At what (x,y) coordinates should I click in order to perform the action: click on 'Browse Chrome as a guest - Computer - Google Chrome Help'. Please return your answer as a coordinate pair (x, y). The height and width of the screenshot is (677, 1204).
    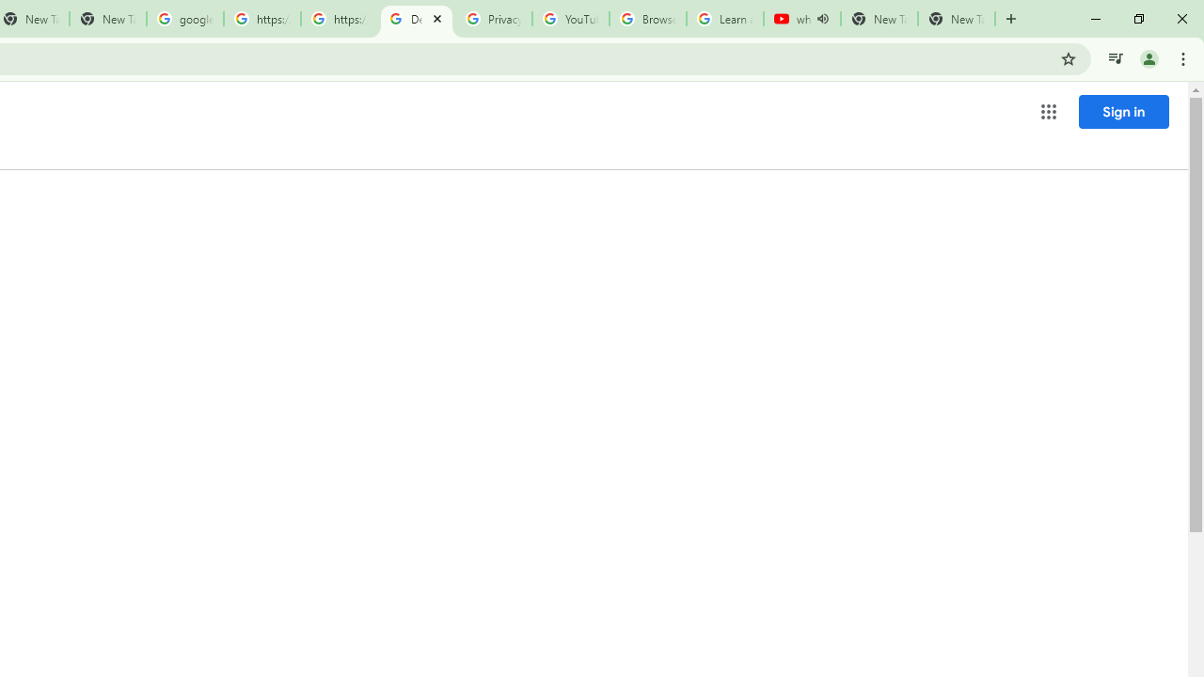
    Looking at the image, I should click on (647, 19).